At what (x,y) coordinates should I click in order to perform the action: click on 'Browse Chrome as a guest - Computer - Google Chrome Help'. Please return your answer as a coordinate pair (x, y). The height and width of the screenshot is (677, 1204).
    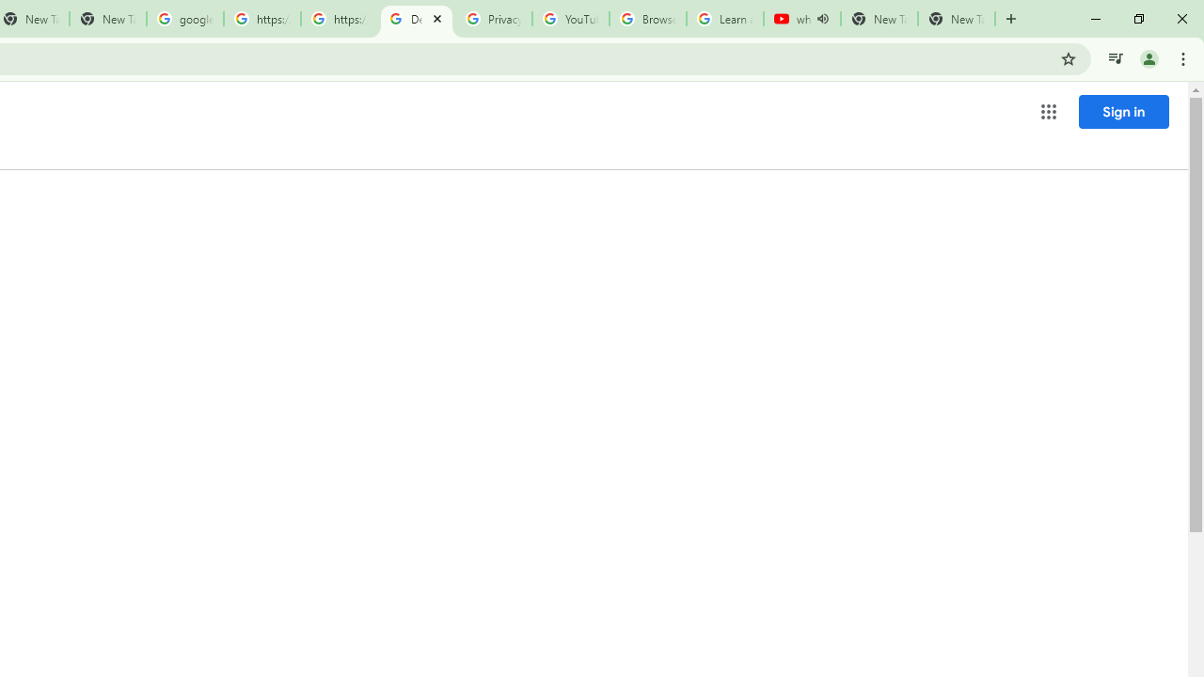
    Looking at the image, I should click on (647, 19).